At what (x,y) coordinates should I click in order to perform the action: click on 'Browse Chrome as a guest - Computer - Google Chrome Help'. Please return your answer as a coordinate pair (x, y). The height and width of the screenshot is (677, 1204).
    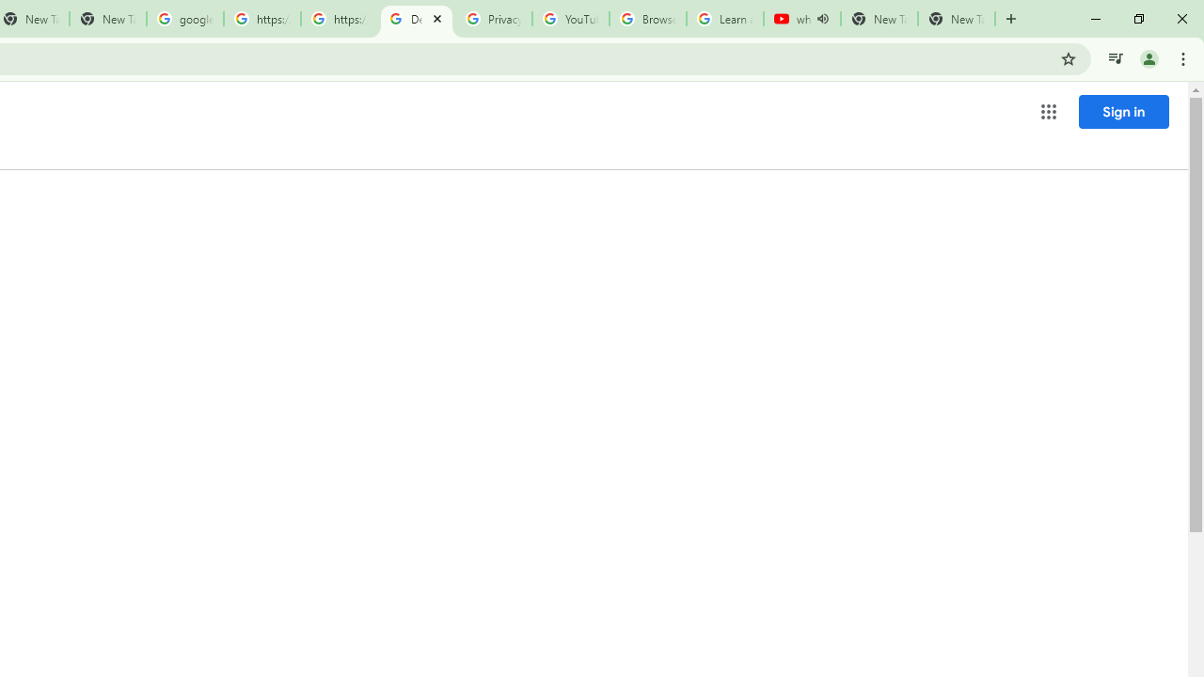
    Looking at the image, I should click on (647, 19).